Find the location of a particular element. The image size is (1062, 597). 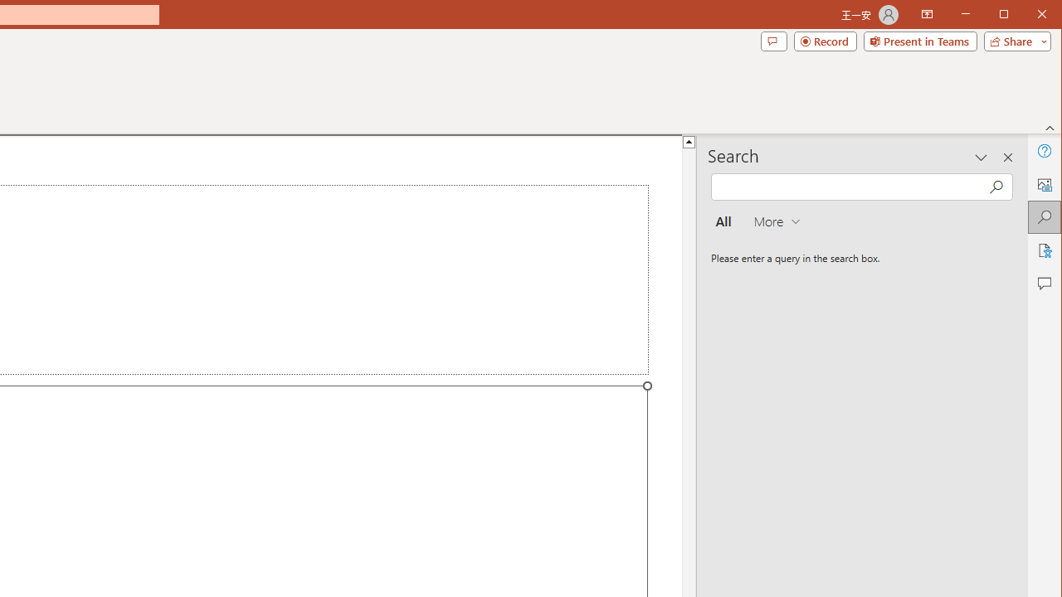

'Collapse the Ribbon' is located at coordinates (1050, 127).